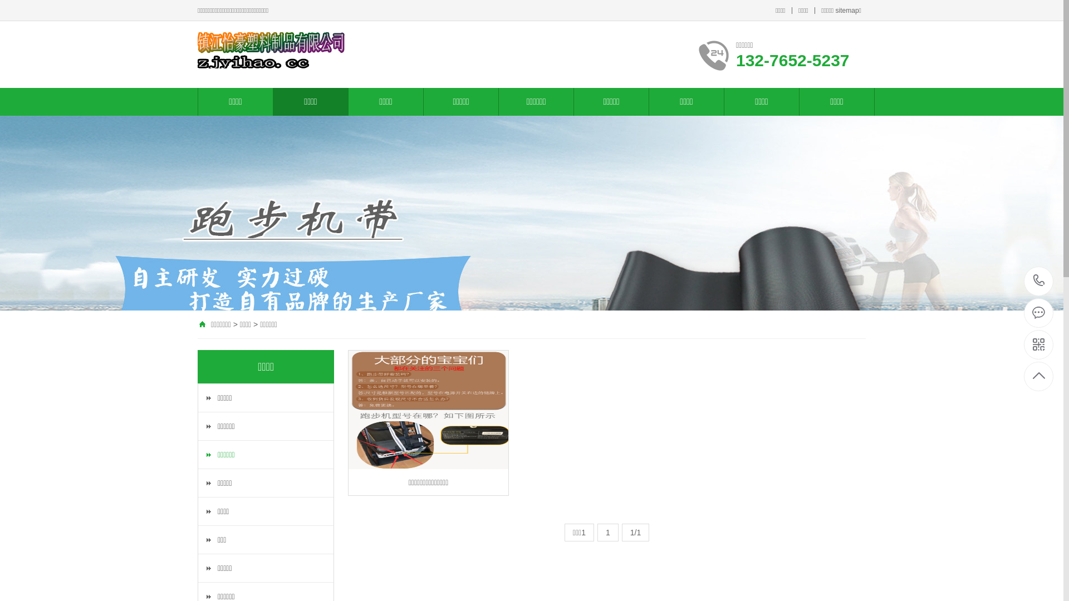 The width and height of the screenshot is (1069, 601). What do you see at coordinates (607, 531) in the screenshot?
I see `'1'` at bounding box center [607, 531].